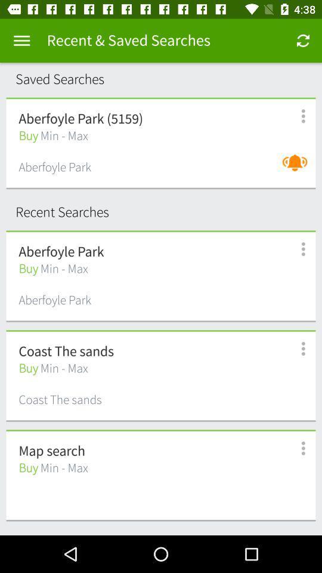 The image size is (322, 573). What do you see at coordinates (296, 248) in the screenshot?
I see `open description` at bounding box center [296, 248].